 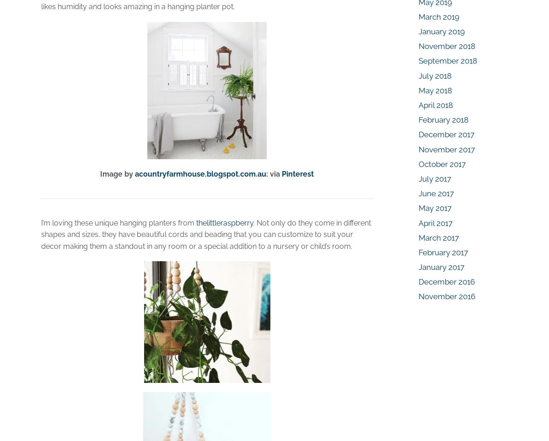 What do you see at coordinates (447, 281) in the screenshot?
I see `'December 2016'` at bounding box center [447, 281].